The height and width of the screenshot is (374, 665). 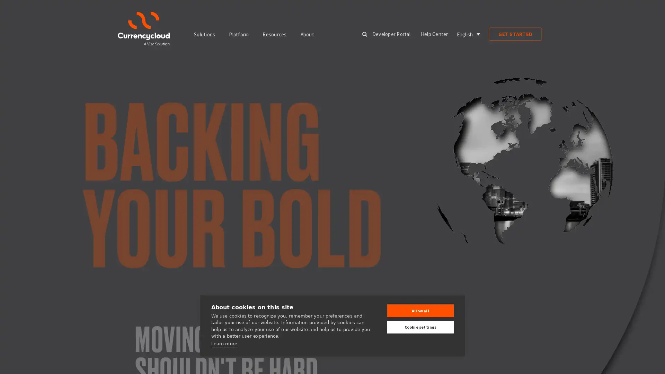 What do you see at coordinates (420, 327) in the screenshot?
I see `Cookie settings` at bounding box center [420, 327].